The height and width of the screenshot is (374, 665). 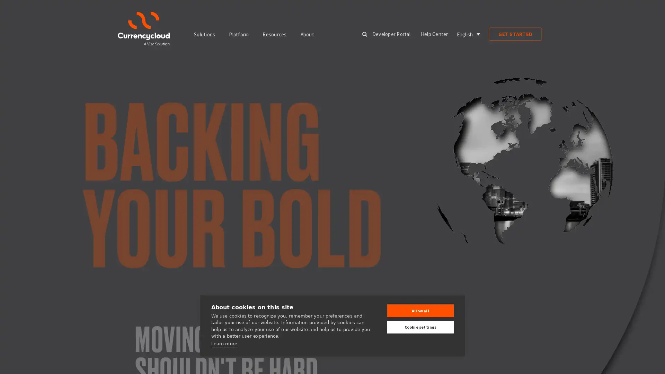 What do you see at coordinates (420, 327) in the screenshot?
I see `Cookie settings` at bounding box center [420, 327].